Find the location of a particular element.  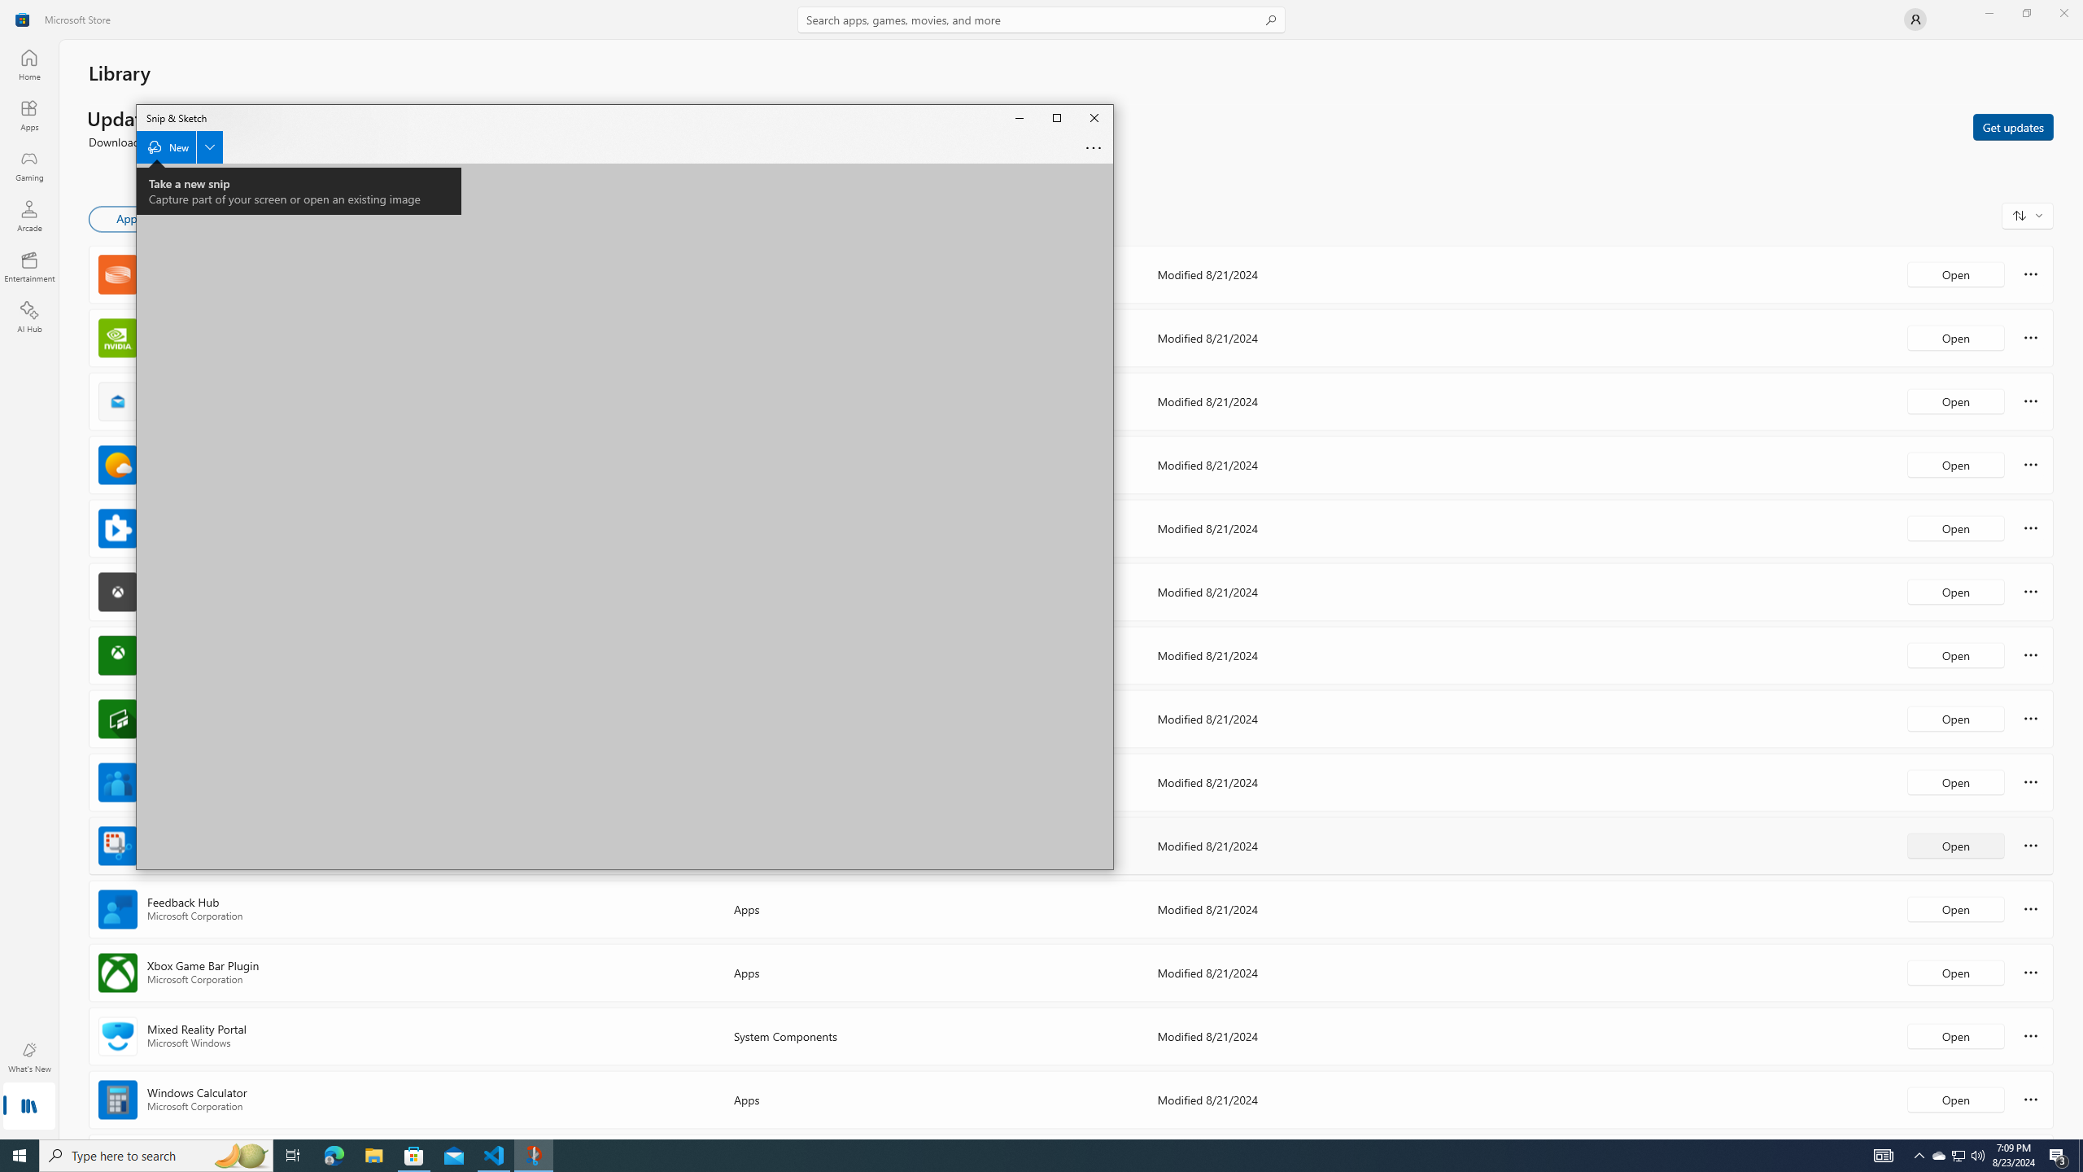

'AutomationID: 4105' is located at coordinates (1884, 1154).